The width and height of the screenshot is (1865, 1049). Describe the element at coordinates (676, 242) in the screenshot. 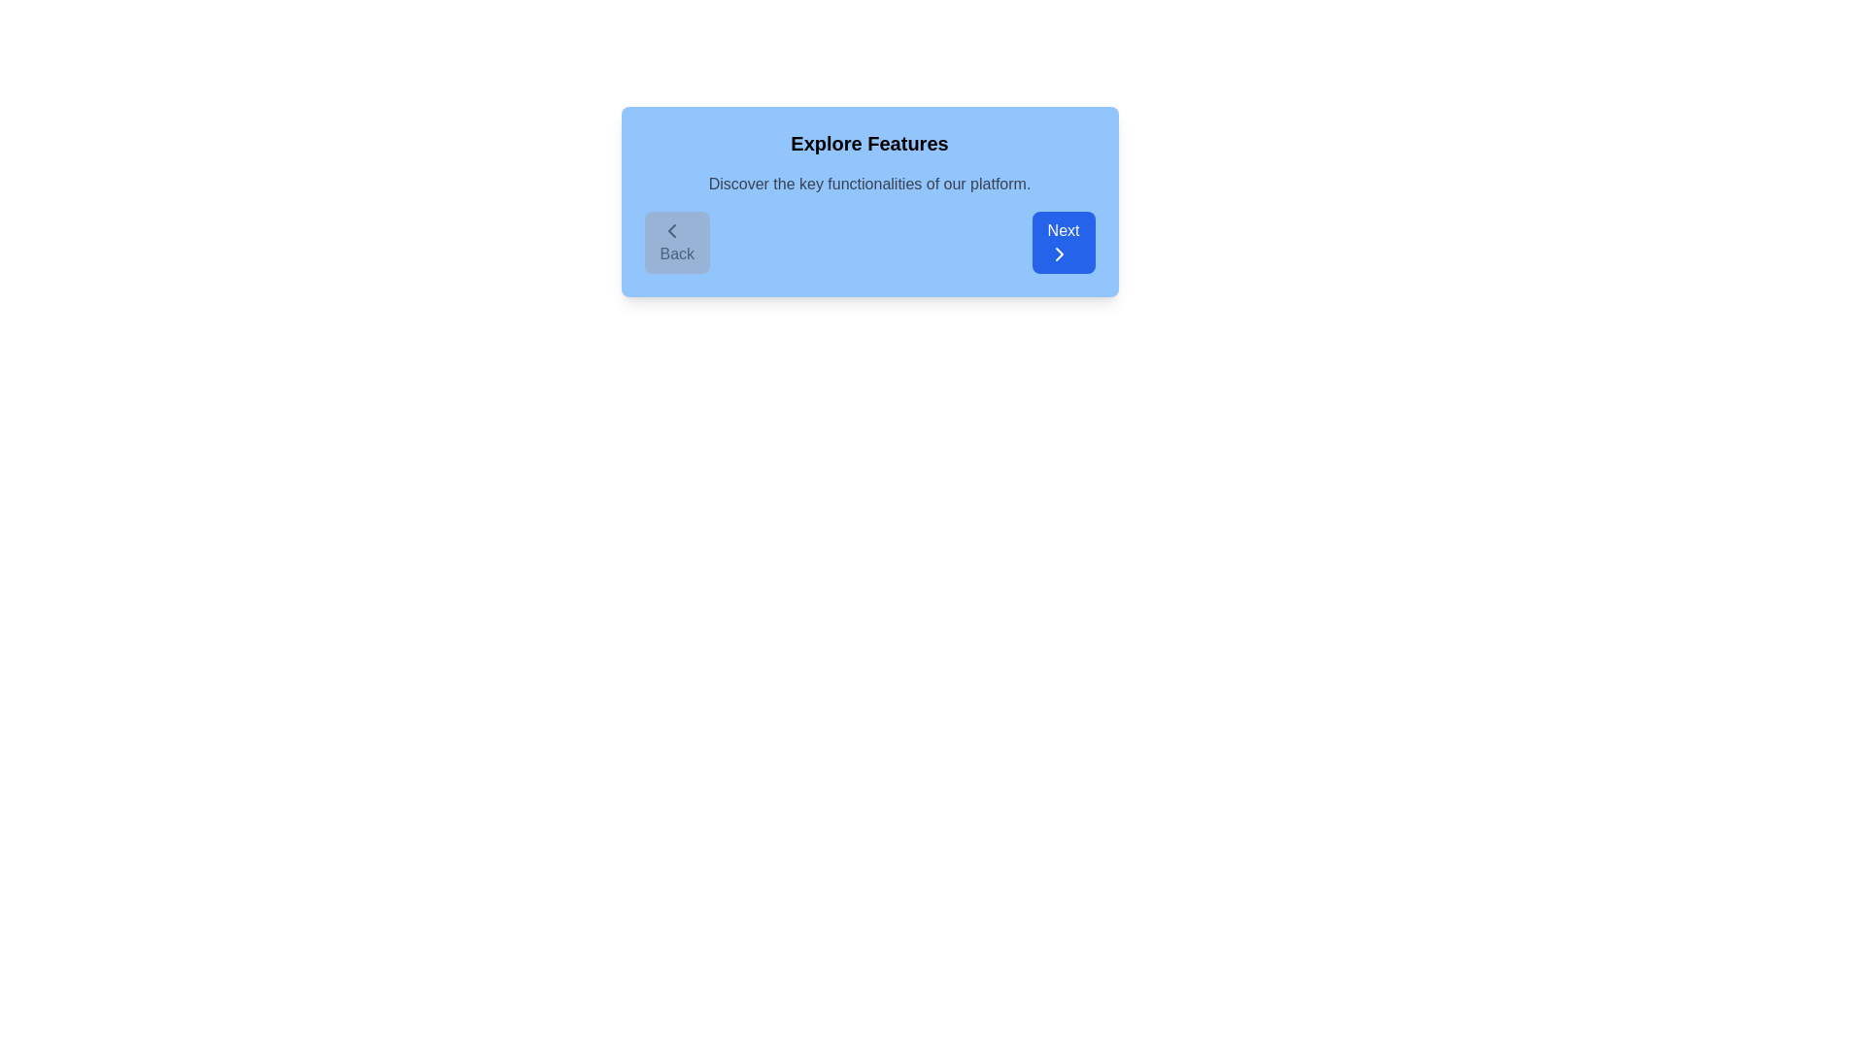

I see `the 'Back' button to navigate to the previous step of the tour` at that location.